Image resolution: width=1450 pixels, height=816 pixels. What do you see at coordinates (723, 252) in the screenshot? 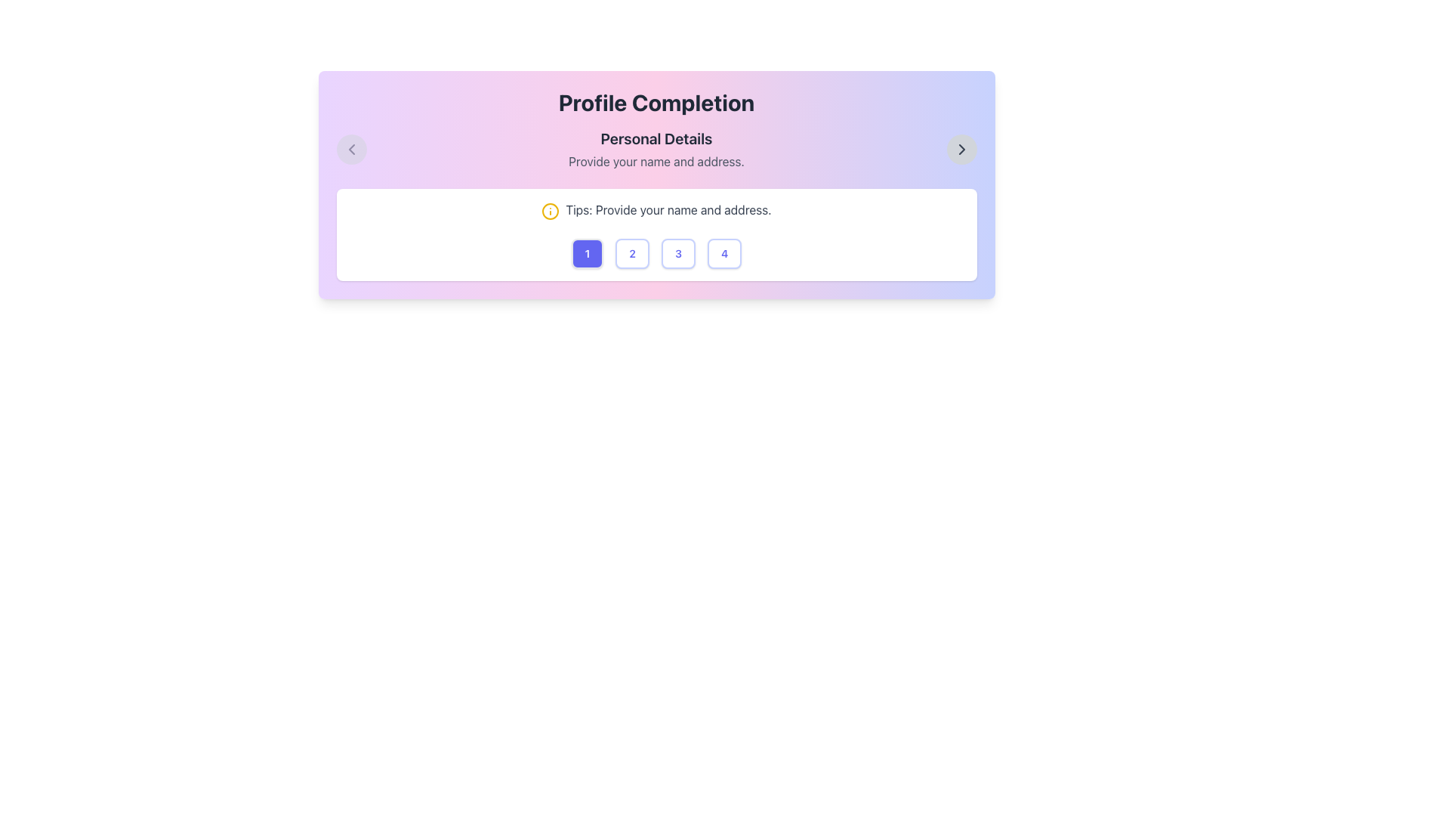
I see `the rounded rectangular button displaying the number '4' with a white background and indigo border` at bounding box center [723, 252].